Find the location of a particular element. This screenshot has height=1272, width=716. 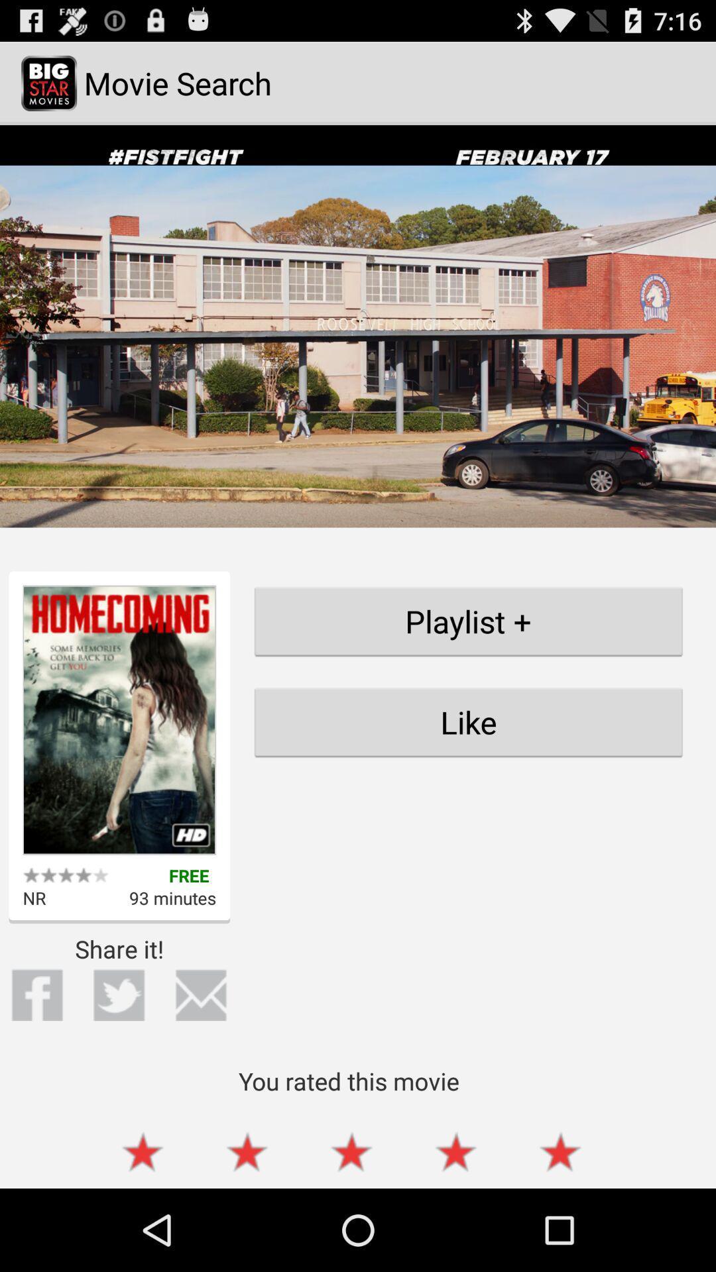

the twitter icon is located at coordinates (119, 1065).